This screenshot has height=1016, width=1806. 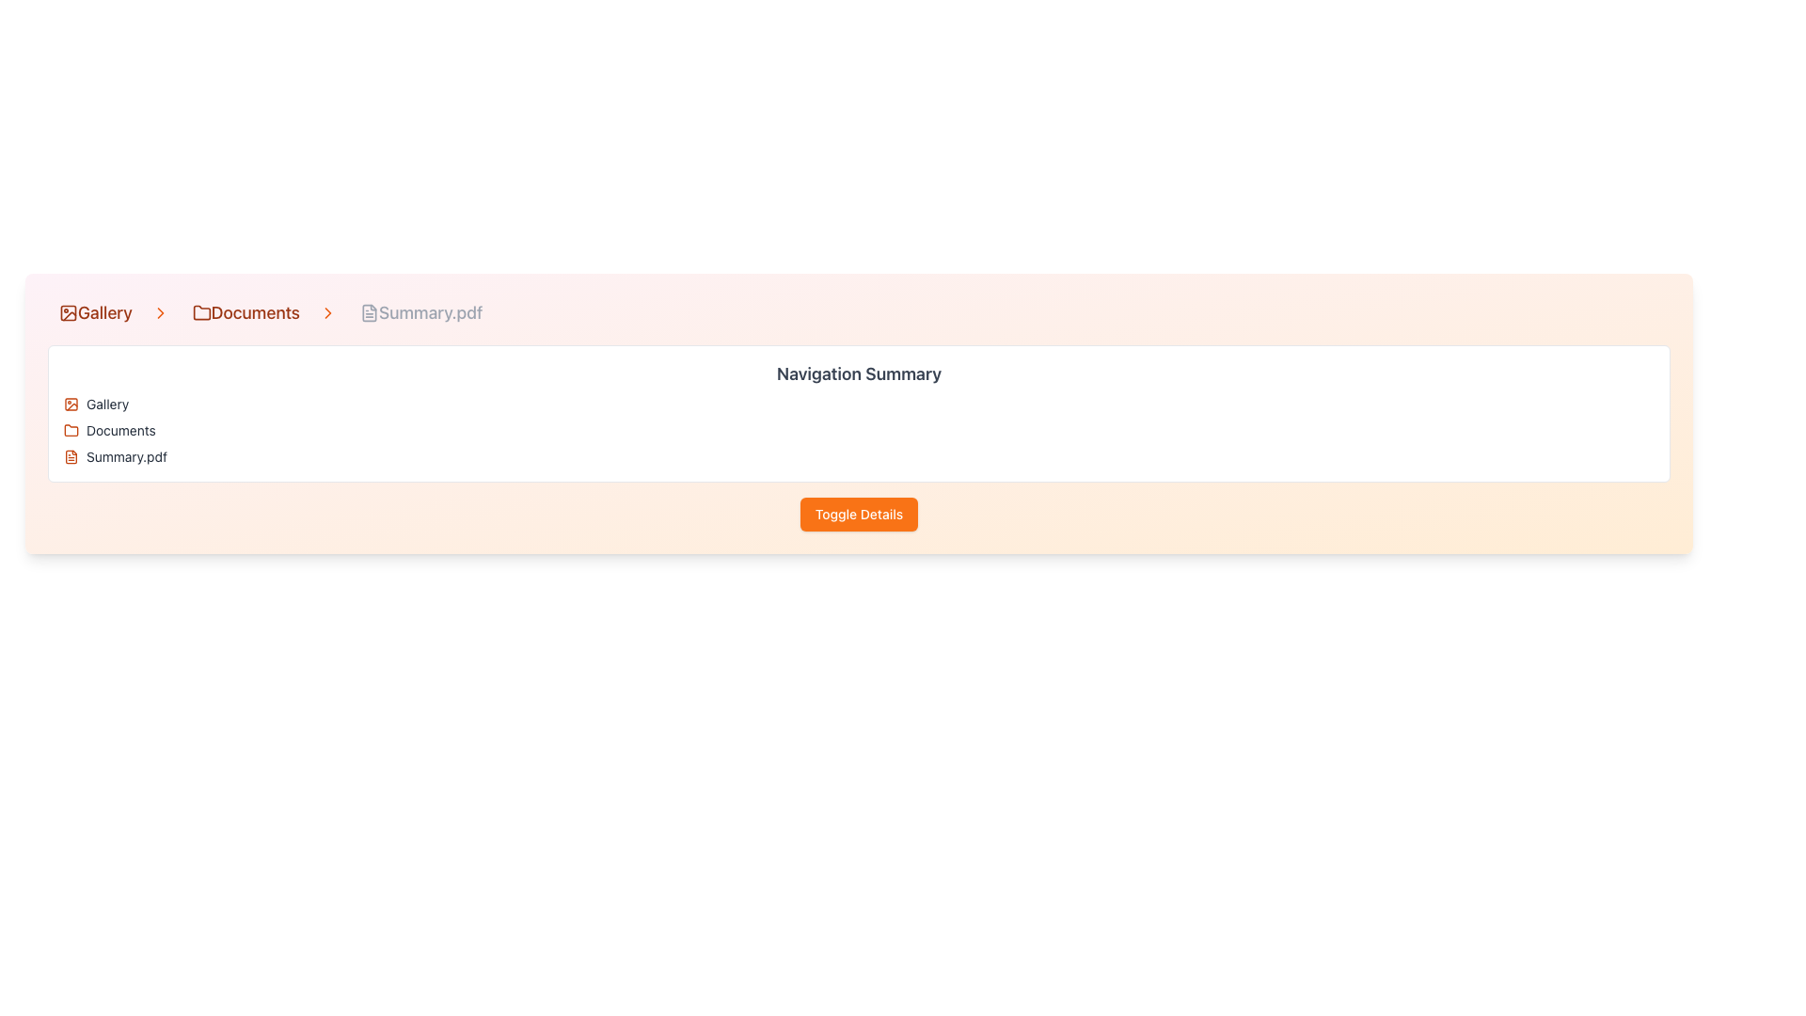 What do you see at coordinates (258, 311) in the screenshot?
I see `the 'Documents' navigational link in the breadcrumb navigation bar for visual feedback` at bounding box center [258, 311].